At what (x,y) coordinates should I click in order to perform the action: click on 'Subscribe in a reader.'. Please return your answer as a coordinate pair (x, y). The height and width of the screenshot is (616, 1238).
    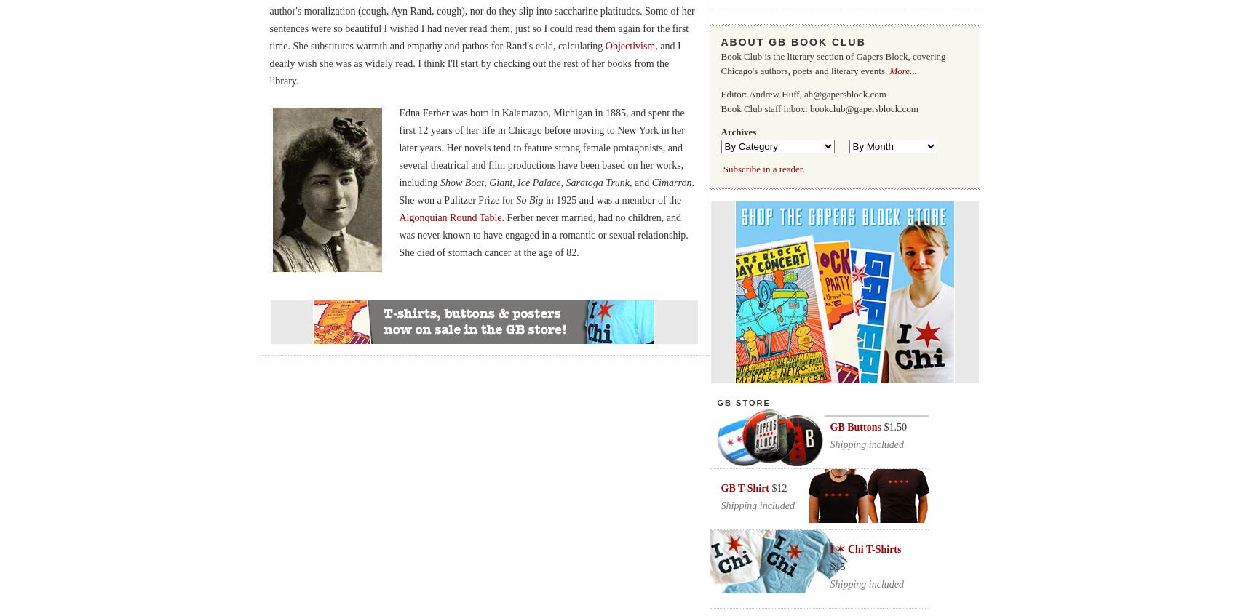
    Looking at the image, I should click on (763, 169).